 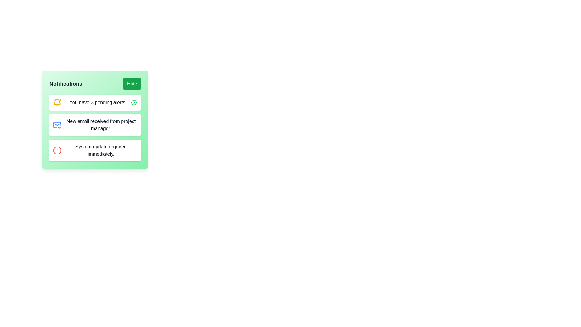 What do you see at coordinates (101, 150) in the screenshot?
I see `the text element displaying 'System update required immediately.' in the notification panel, which is the third item in the list` at bounding box center [101, 150].